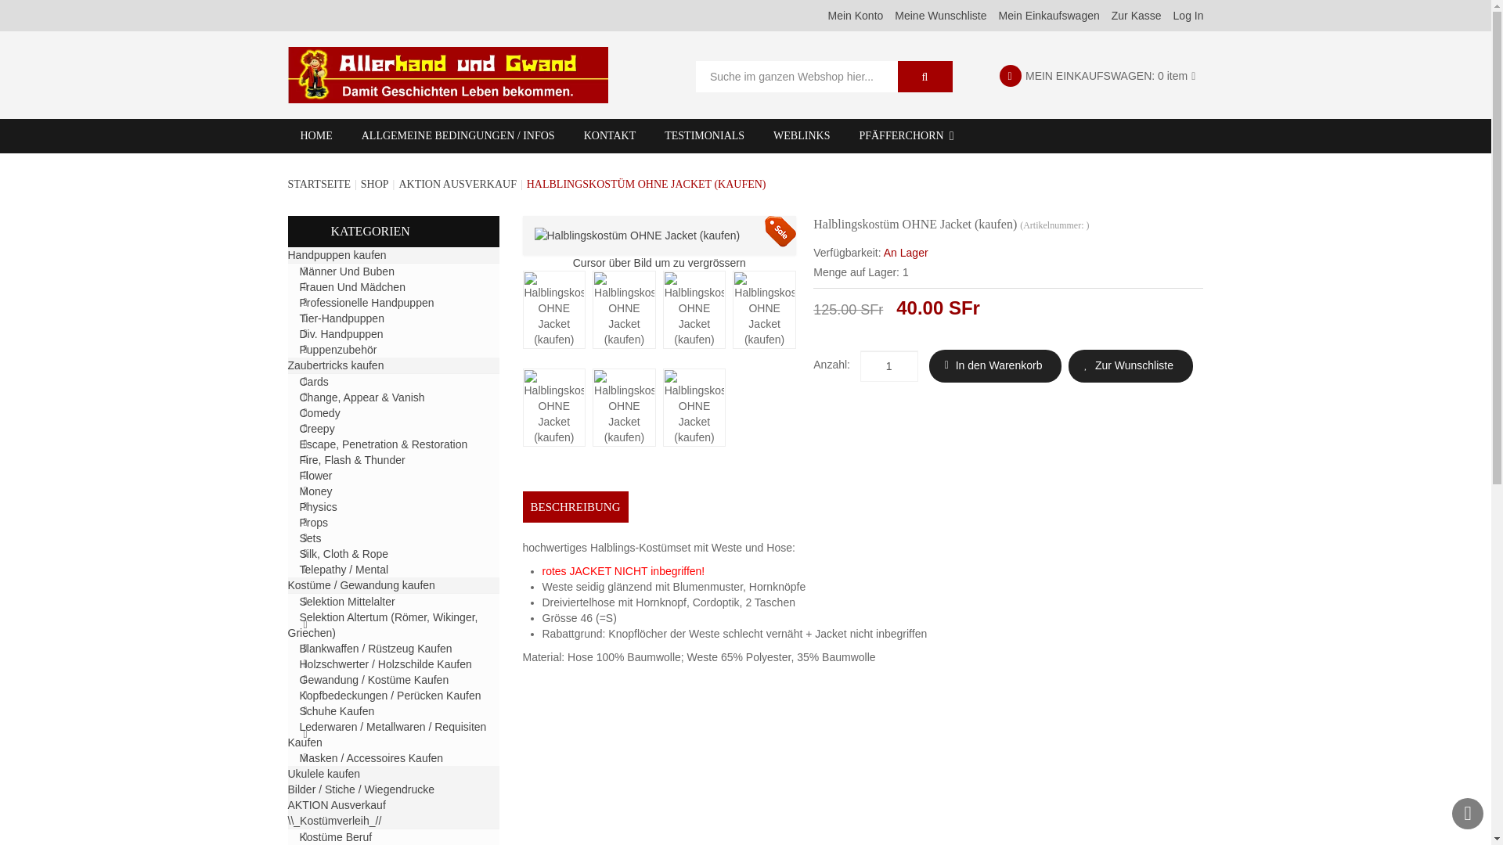  I want to click on 'Zaubertricks kaufen', so click(335, 365).